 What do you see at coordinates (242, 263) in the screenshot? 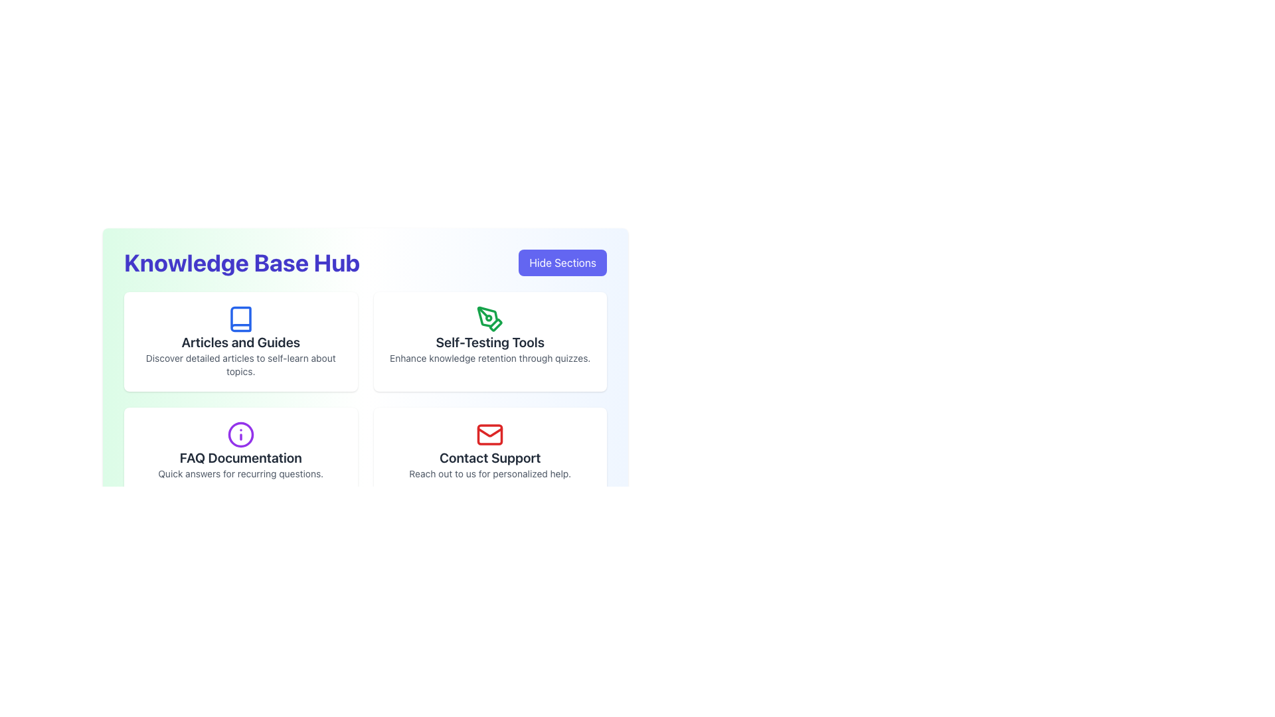
I see `the 'Knowledge Base Hub' text label, which serves as the header for the page and is located near the top-left of the interface, positioned to the left of the 'Hide Sections' button` at bounding box center [242, 263].